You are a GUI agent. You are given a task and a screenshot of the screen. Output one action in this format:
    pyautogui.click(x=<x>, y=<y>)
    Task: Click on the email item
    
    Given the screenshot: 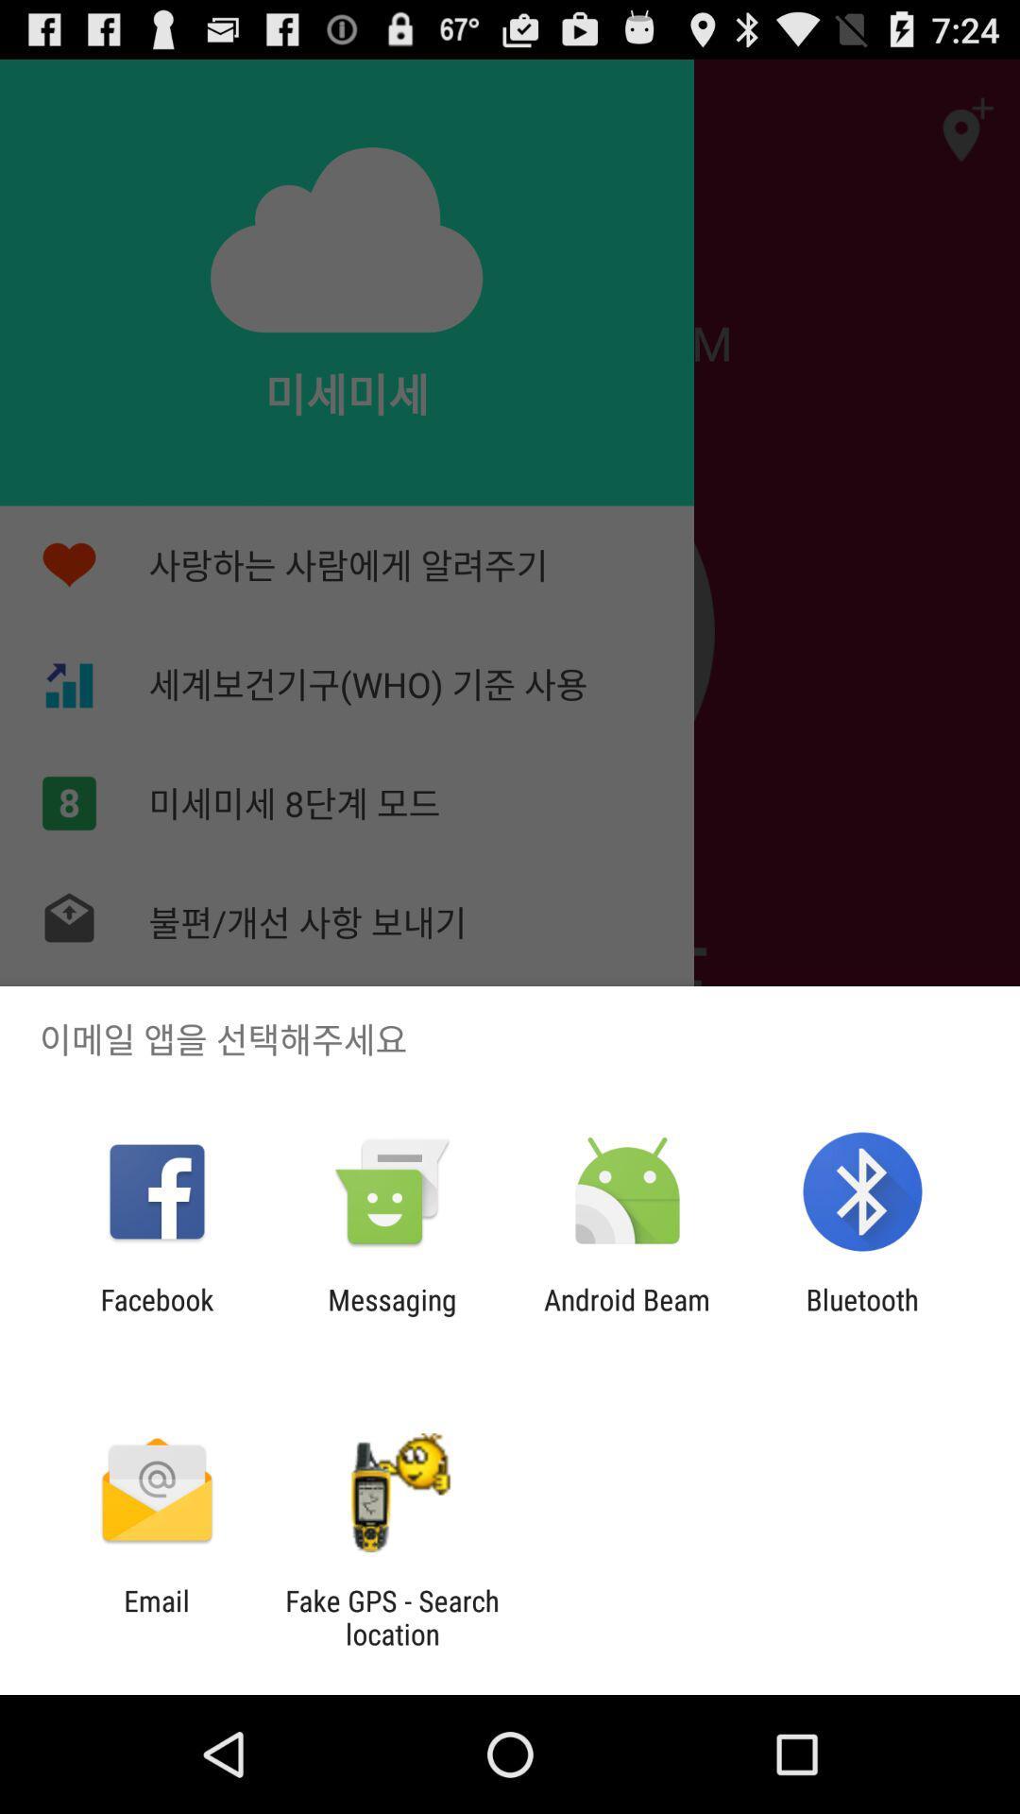 What is the action you would take?
    pyautogui.click(x=156, y=1617)
    